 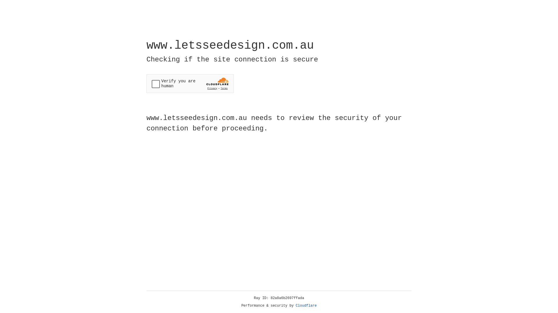 I want to click on 'Cloudflare', so click(x=306, y=305).